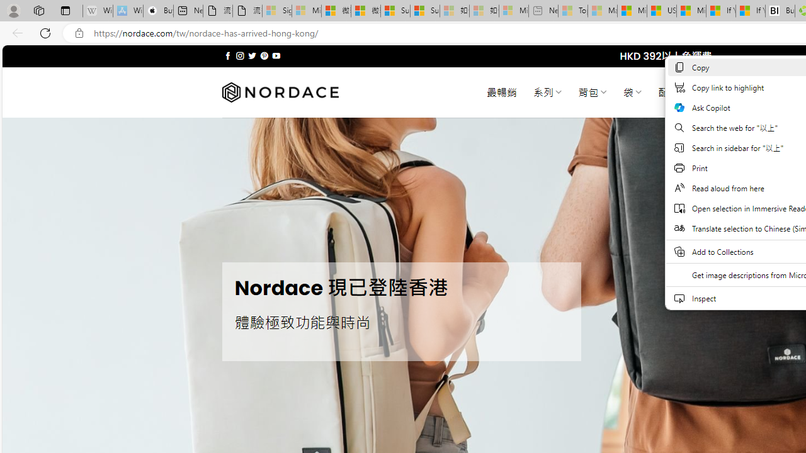 Image resolution: width=806 pixels, height=453 pixels. What do you see at coordinates (263, 55) in the screenshot?
I see `'Follow on Pinterest'` at bounding box center [263, 55].